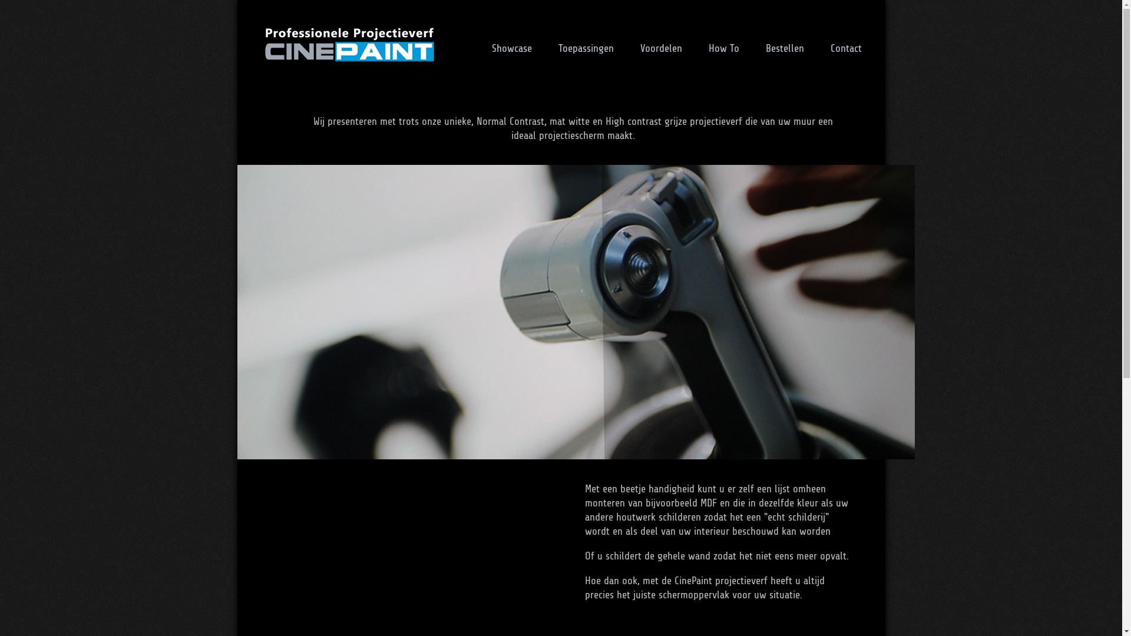  What do you see at coordinates (845, 47) in the screenshot?
I see `'Contact'` at bounding box center [845, 47].